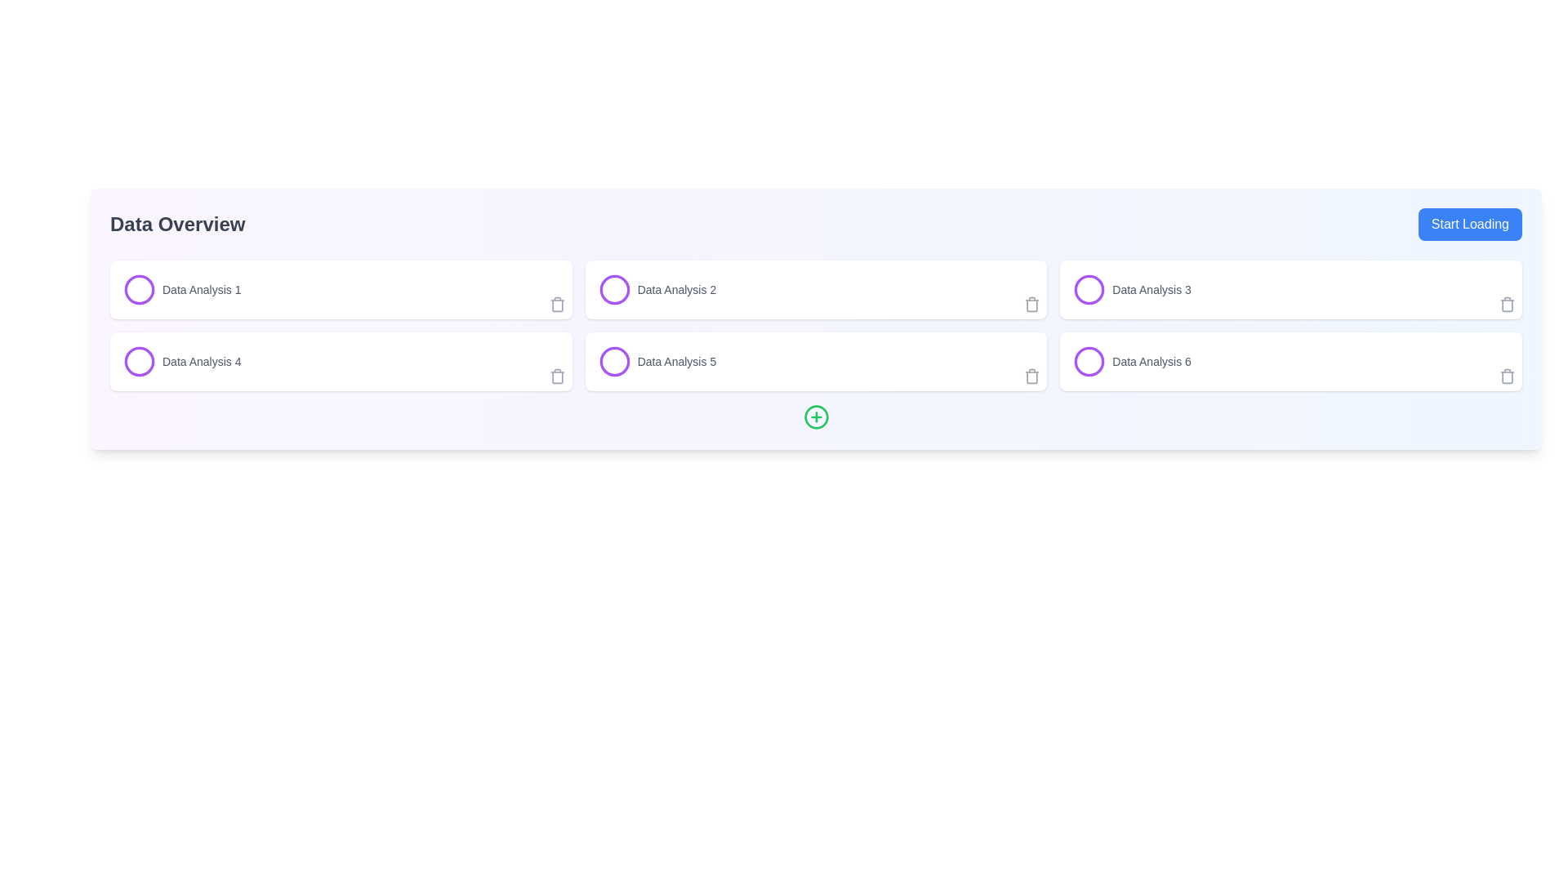 The image size is (1568, 882). Describe the element at coordinates (1031, 305) in the screenshot. I see `the delete button (trash can icon) located in the bottom-right corner of the 'Data Analysis 2' card` at that location.